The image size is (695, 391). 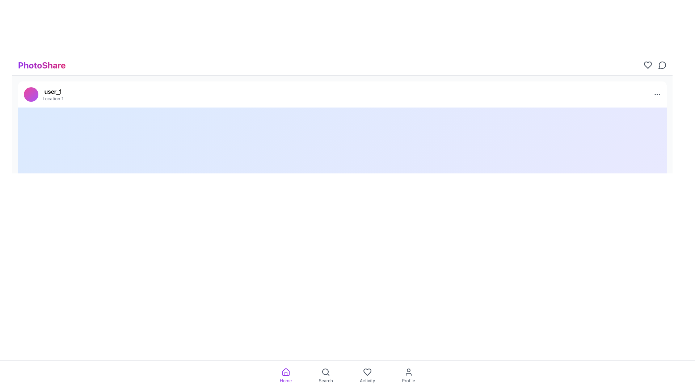 What do you see at coordinates (662, 65) in the screenshot?
I see `the rightmost button that serves` at bounding box center [662, 65].